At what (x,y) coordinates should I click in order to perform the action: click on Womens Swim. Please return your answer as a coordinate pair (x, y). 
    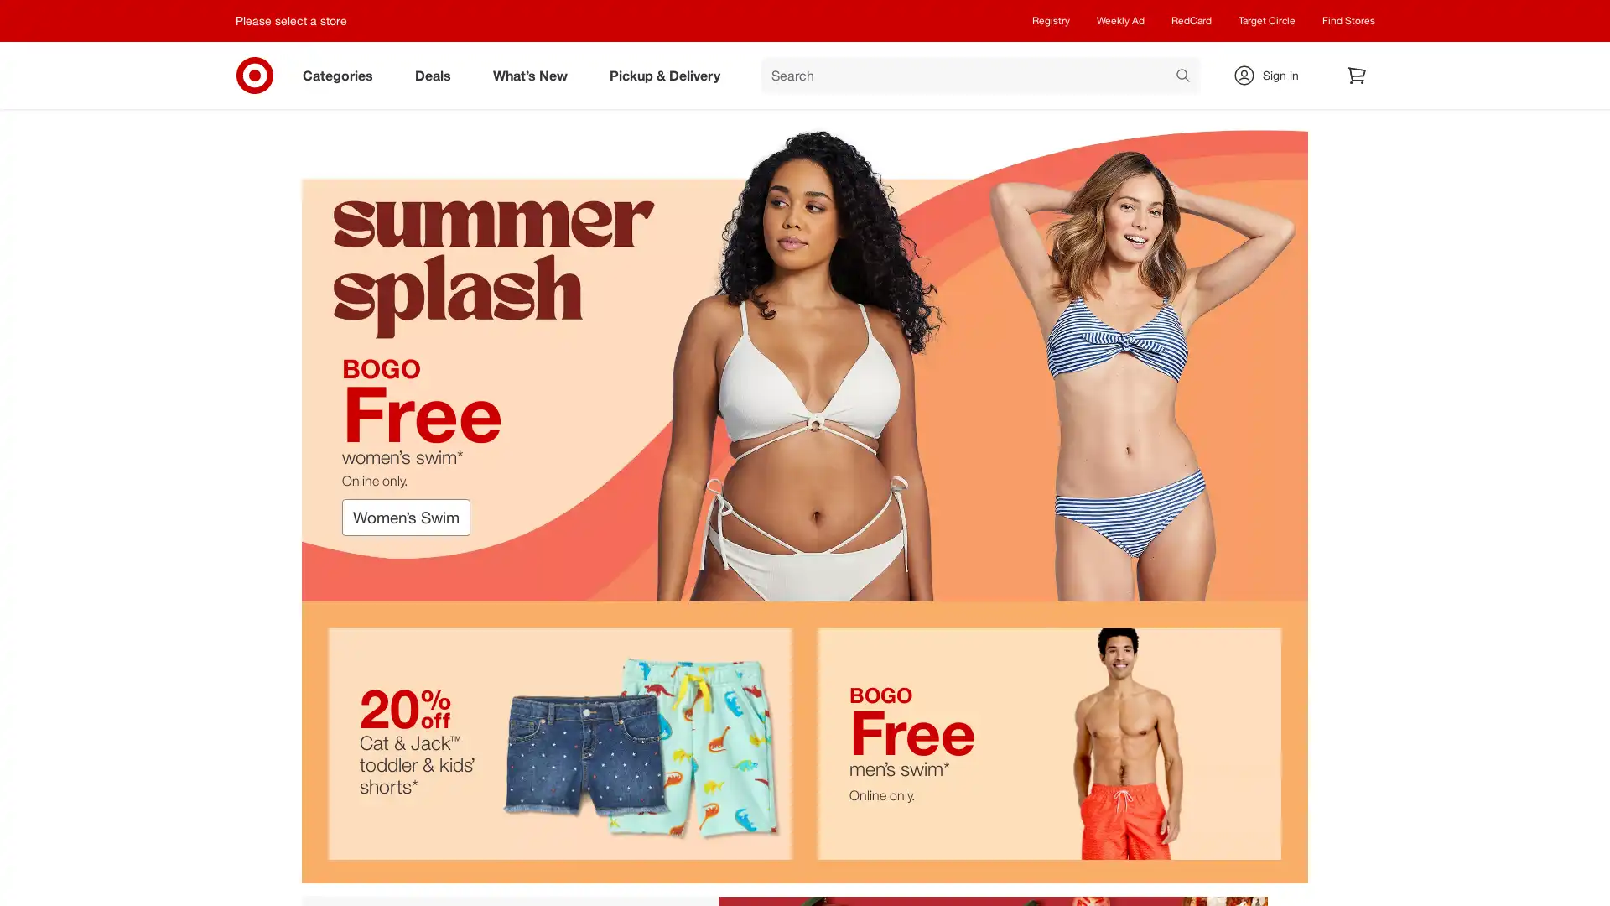
    Looking at the image, I should click on (406, 517).